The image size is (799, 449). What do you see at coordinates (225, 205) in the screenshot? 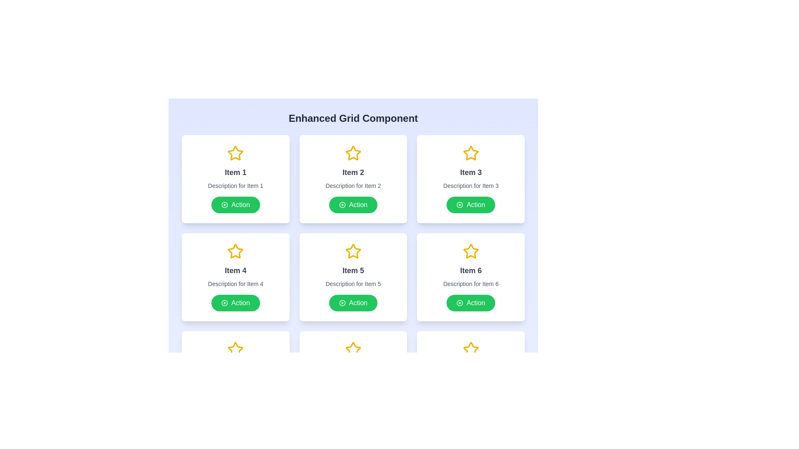
I see `the plus icon located in the middle section of the 'Action' button at the bottom of the 'Item 1' card` at bounding box center [225, 205].